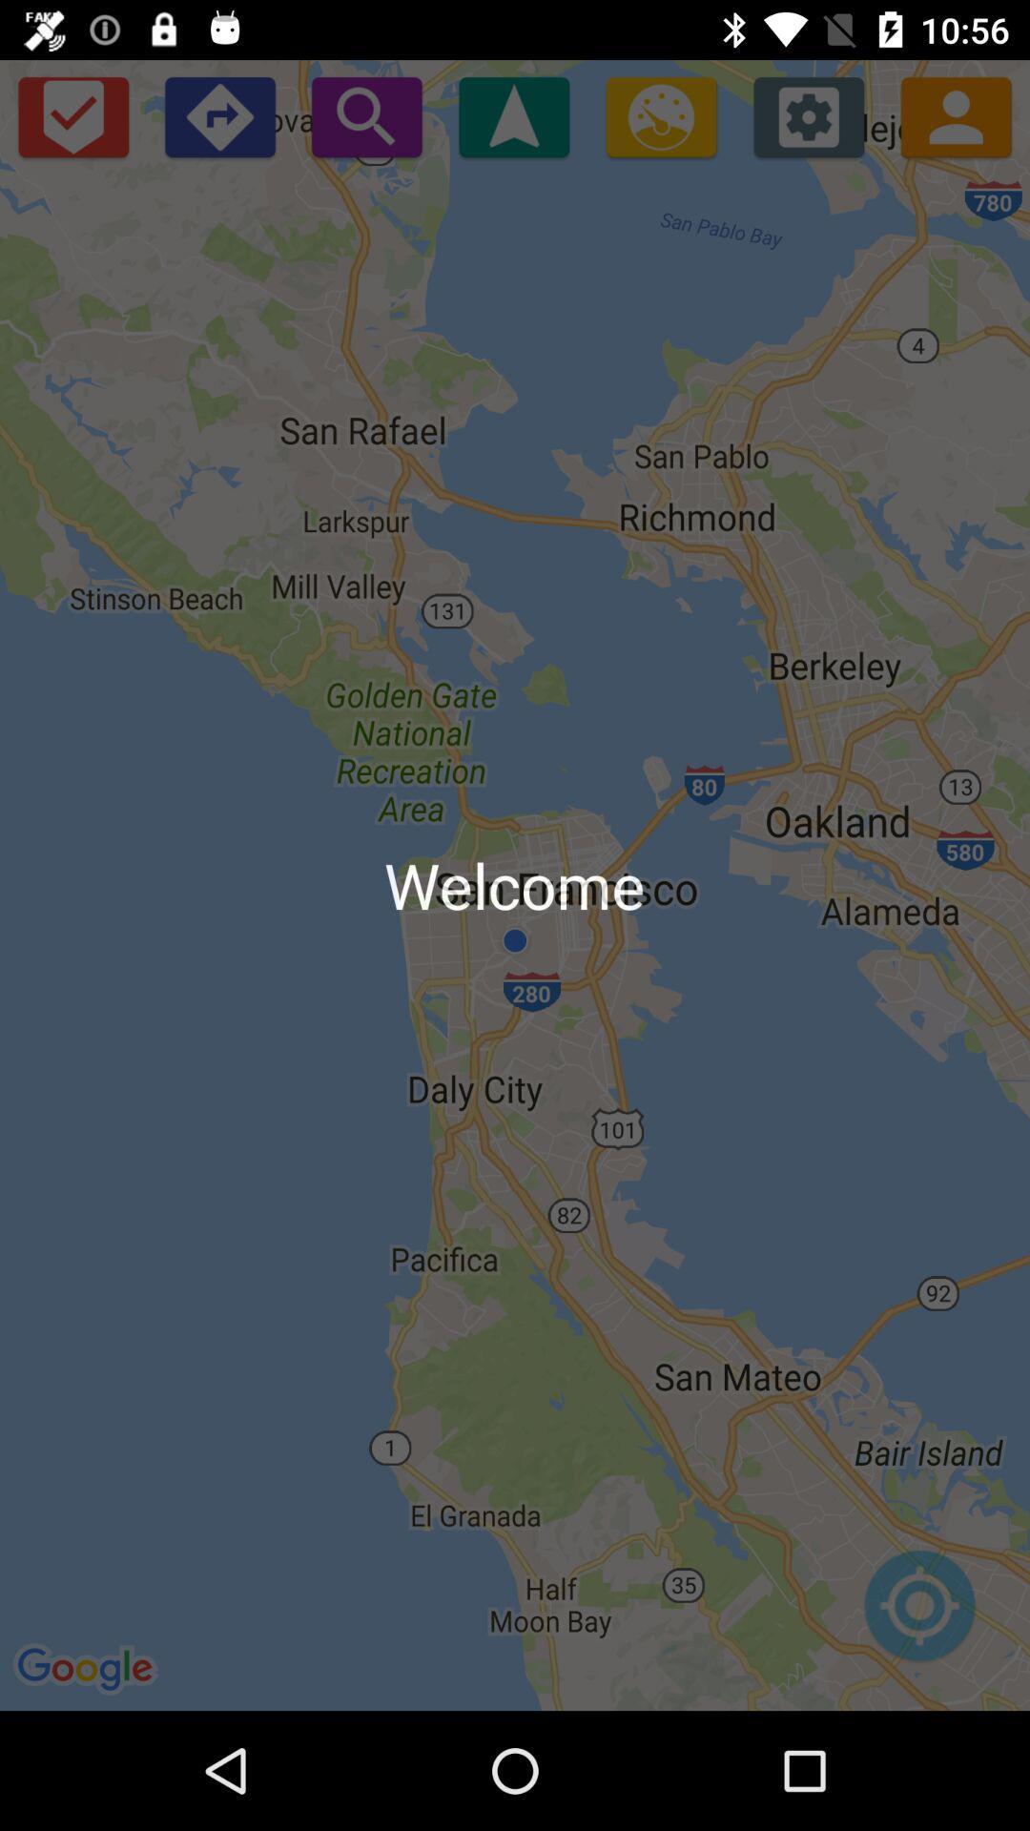 This screenshot has width=1030, height=1831. Describe the element at coordinates (809, 115) in the screenshot. I see `the settings icon` at that location.